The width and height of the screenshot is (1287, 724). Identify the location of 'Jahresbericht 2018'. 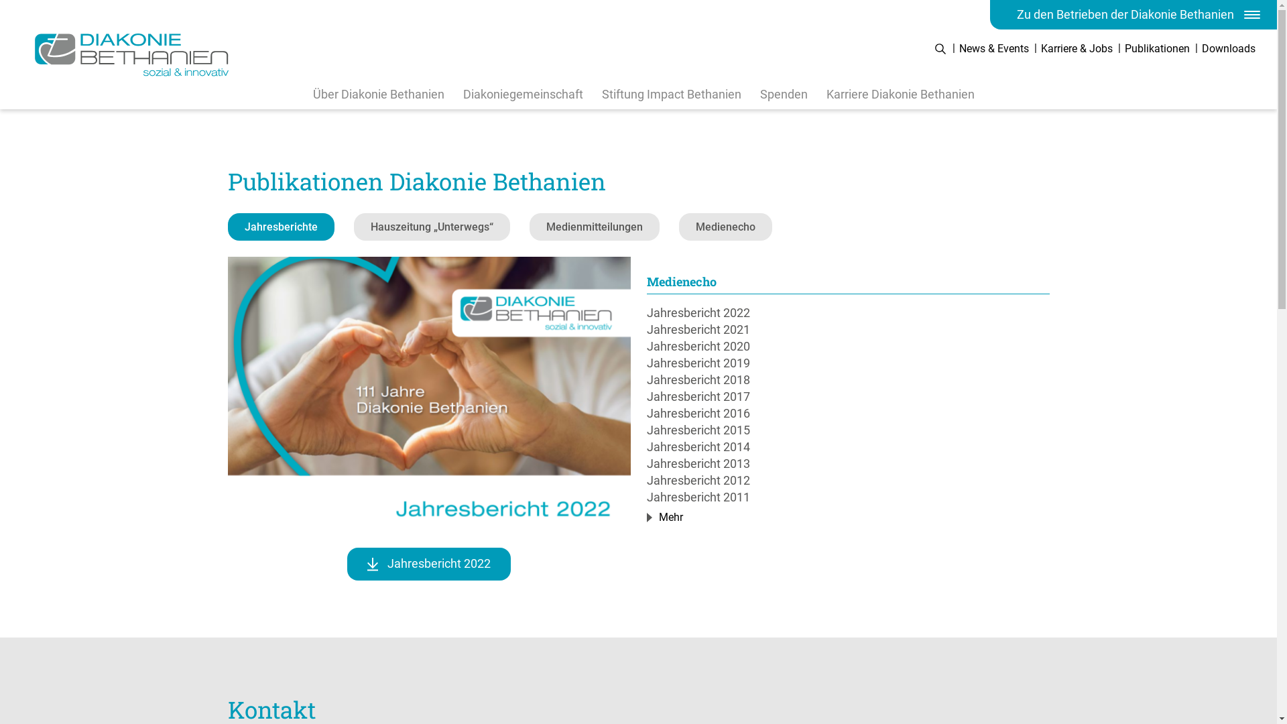
(847, 379).